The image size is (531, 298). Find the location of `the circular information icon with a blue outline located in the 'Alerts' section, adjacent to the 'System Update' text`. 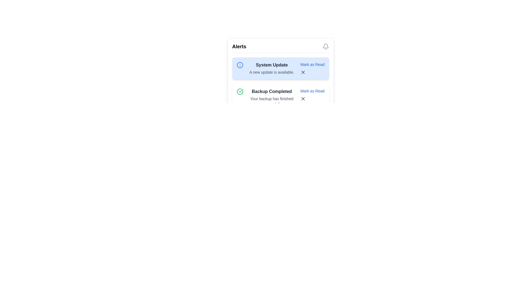

the circular information icon with a blue outline located in the 'Alerts' section, adjacent to the 'System Update' text is located at coordinates (240, 65).